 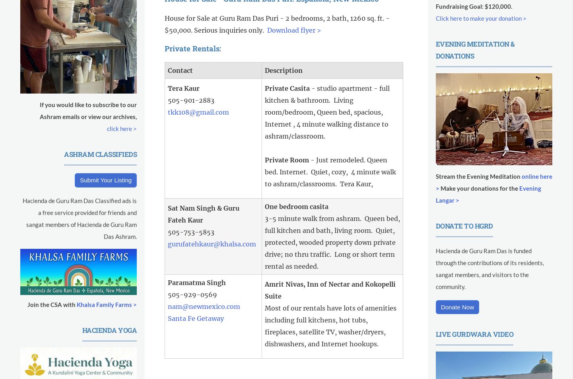 I want to click on 'Click here to make your donation >', so click(x=480, y=18).